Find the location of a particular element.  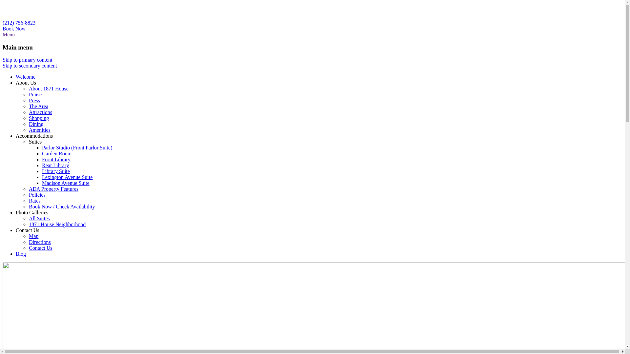

'Directions' is located at coordinates (28, 242).